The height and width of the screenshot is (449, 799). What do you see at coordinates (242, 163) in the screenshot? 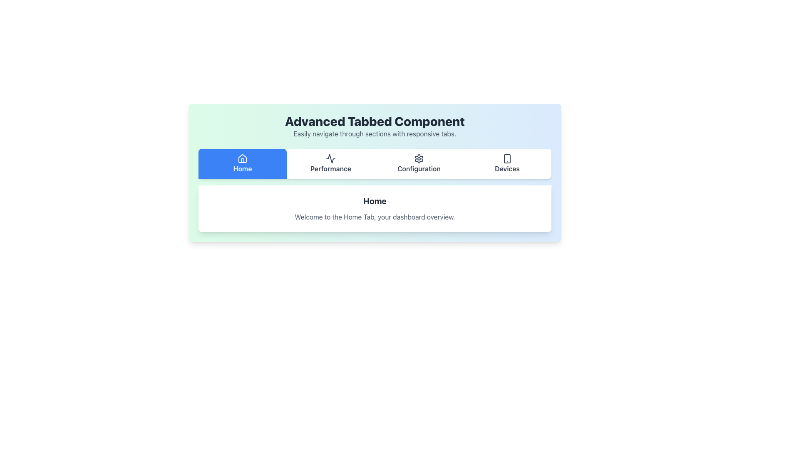
I see `the 'Home' tab in the tabbed navigation bar, which has a blue background, white text, and a house icon` at bounding box center [242, 163].